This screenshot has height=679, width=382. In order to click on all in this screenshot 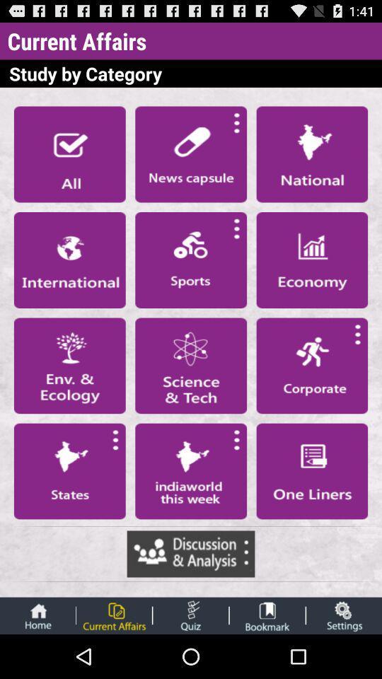, I will do `click(69, 154)`.